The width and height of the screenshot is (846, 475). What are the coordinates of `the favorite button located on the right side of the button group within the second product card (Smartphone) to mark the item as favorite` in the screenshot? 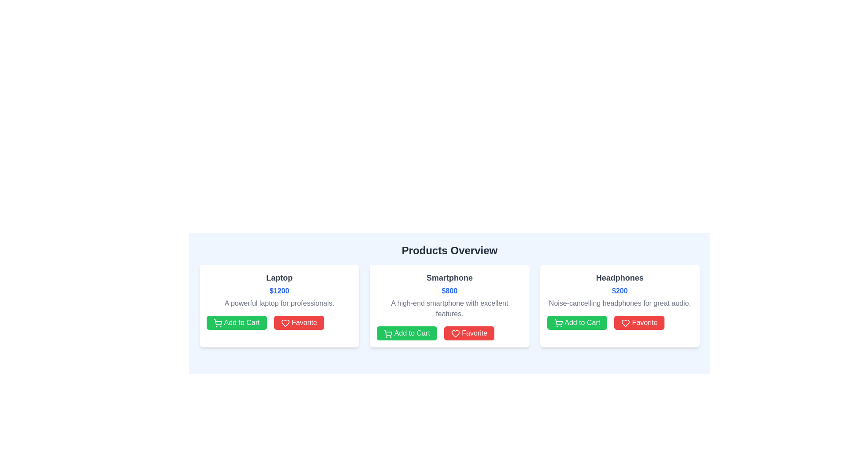 It's located at (469, 333).